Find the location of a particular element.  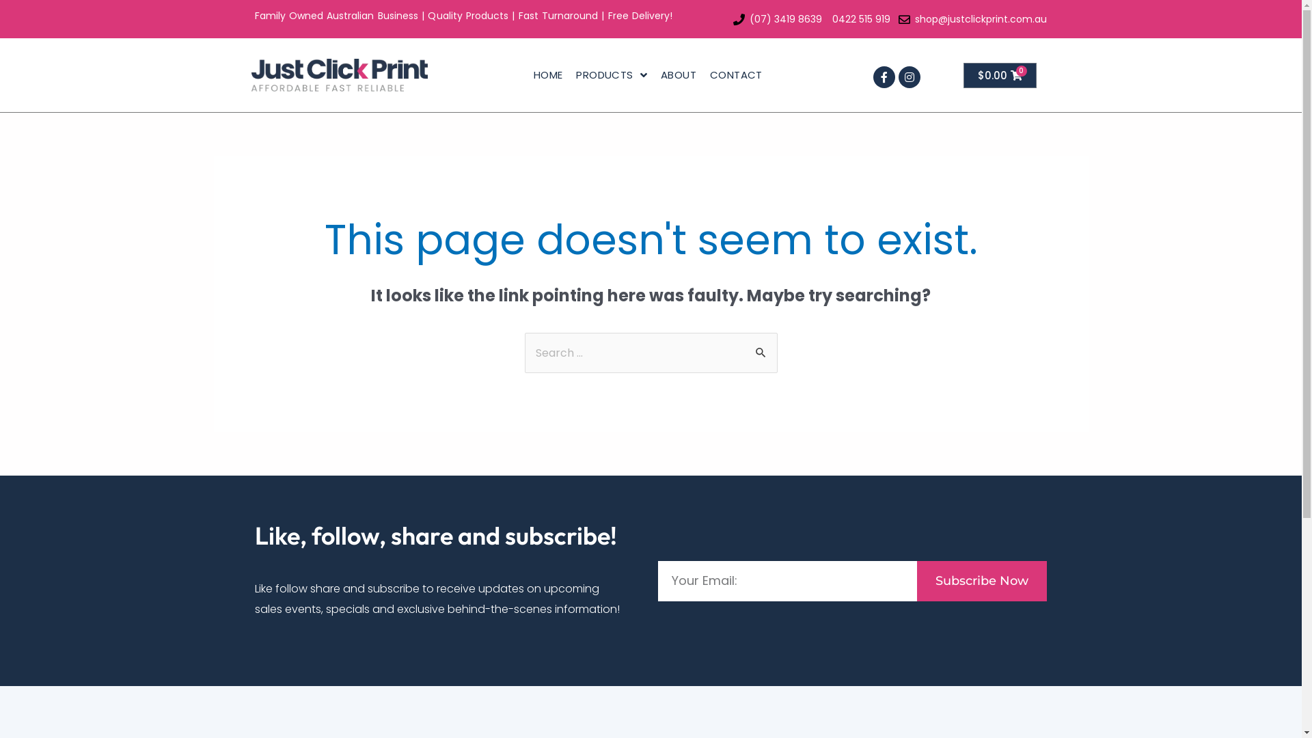

'$0.00 is located at coordinates (1000, 75).